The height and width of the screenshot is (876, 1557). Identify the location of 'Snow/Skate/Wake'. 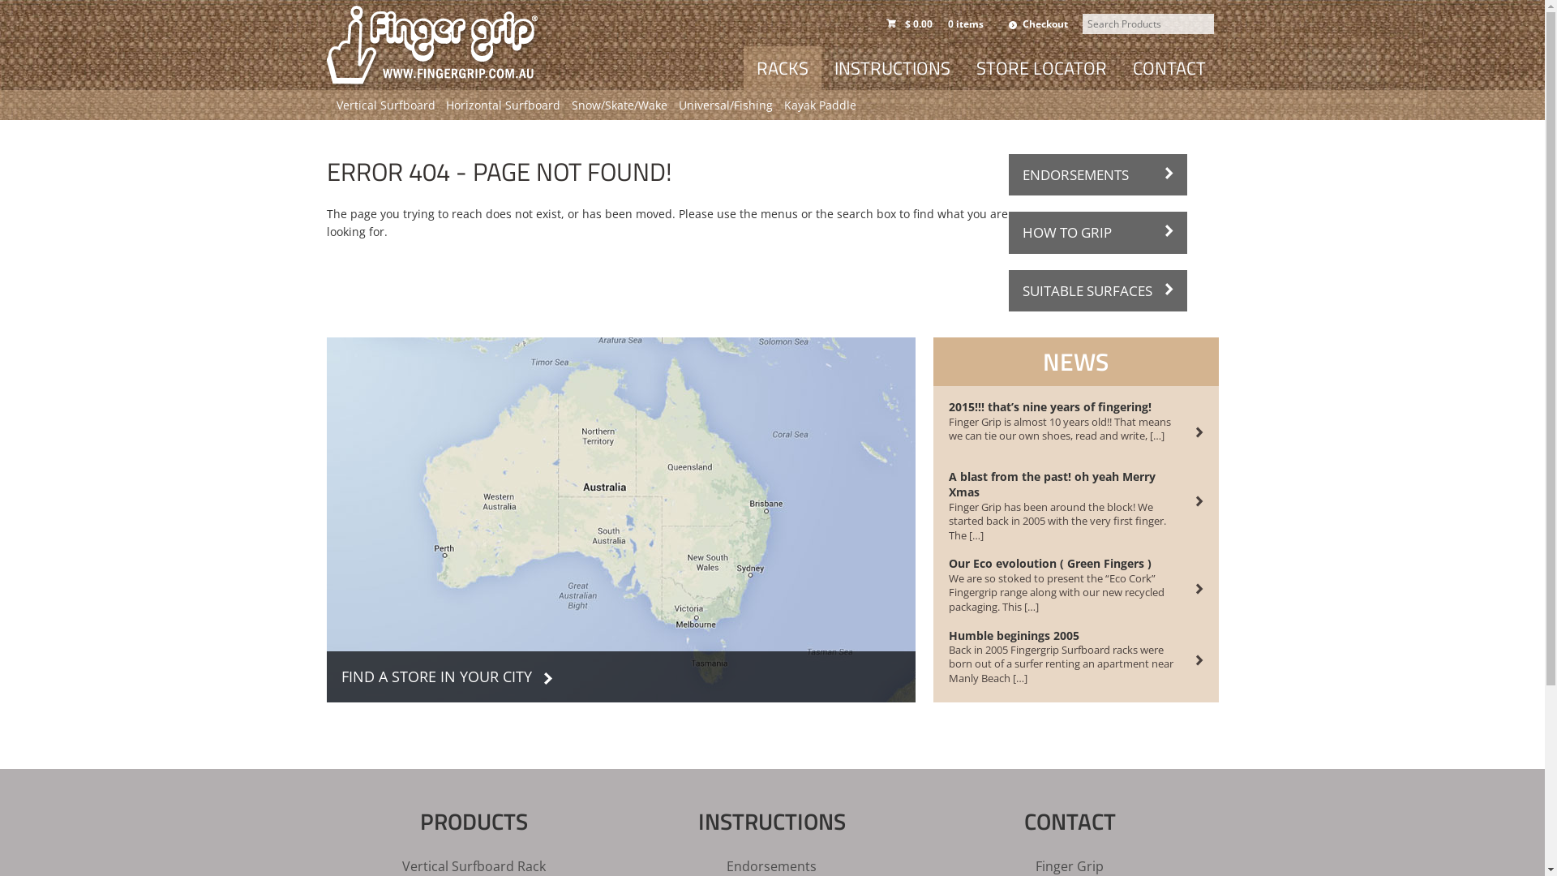
(568, 105).